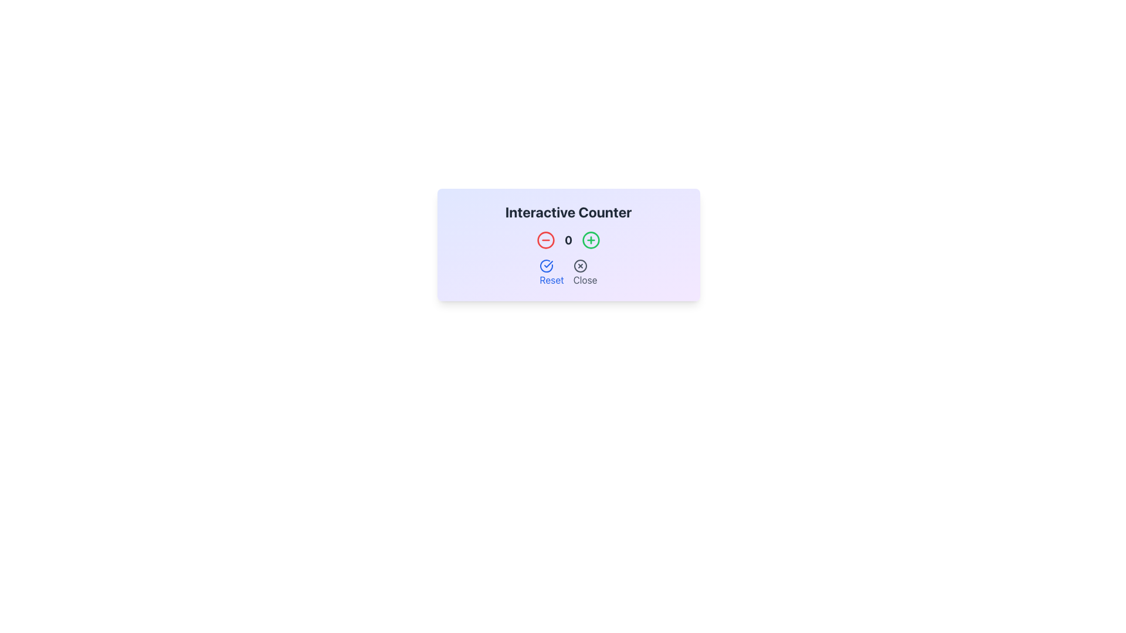  I want to click on the 'Close' button, which is part of the horizontal group of buttons labeled 'Reset' and 'Close' at the bottom of the 'Interactive Counter' card, so click(568, 273).